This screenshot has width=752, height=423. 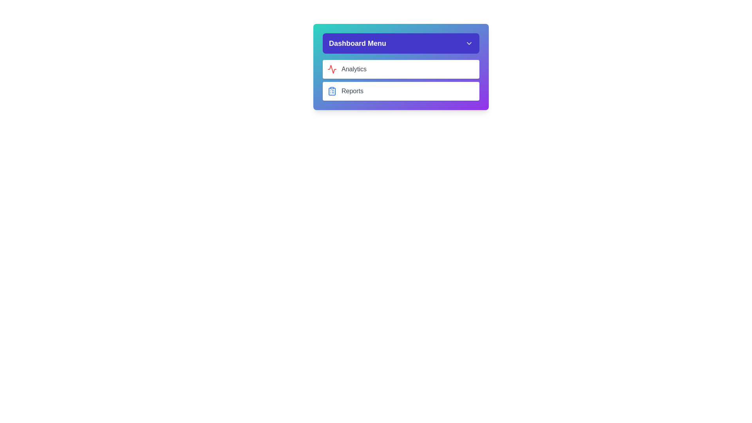 What do you see at coordinates (401, 90) in the screenshot?
I see `the 'Reports' button located in the 'Dashboard Menu' for keyboard navigation` at bounding box center [401, 90].